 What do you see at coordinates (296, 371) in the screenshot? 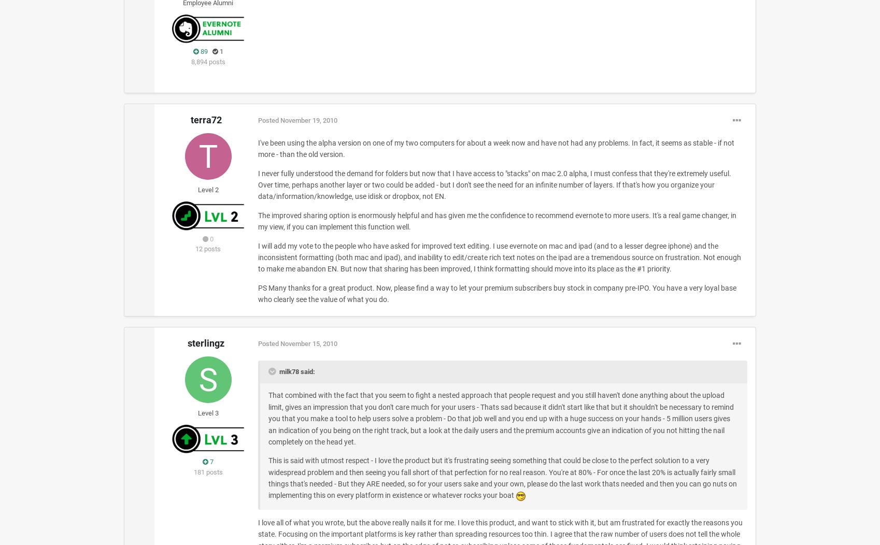
I see `'milk78 said:'` at bounding box center [296, 371].